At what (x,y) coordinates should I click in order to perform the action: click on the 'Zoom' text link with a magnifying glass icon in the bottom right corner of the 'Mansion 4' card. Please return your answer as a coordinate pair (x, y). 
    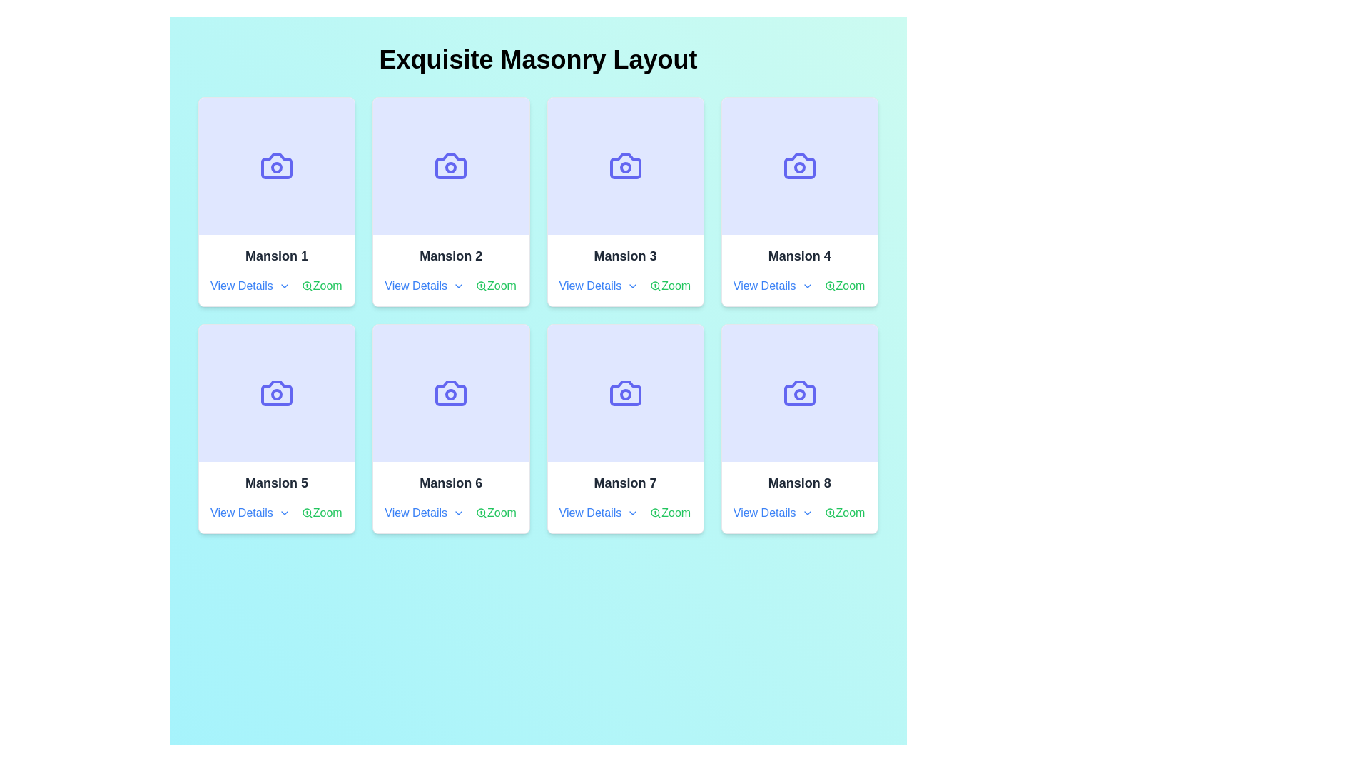
    Looking at the image, I should click on (844, 286).